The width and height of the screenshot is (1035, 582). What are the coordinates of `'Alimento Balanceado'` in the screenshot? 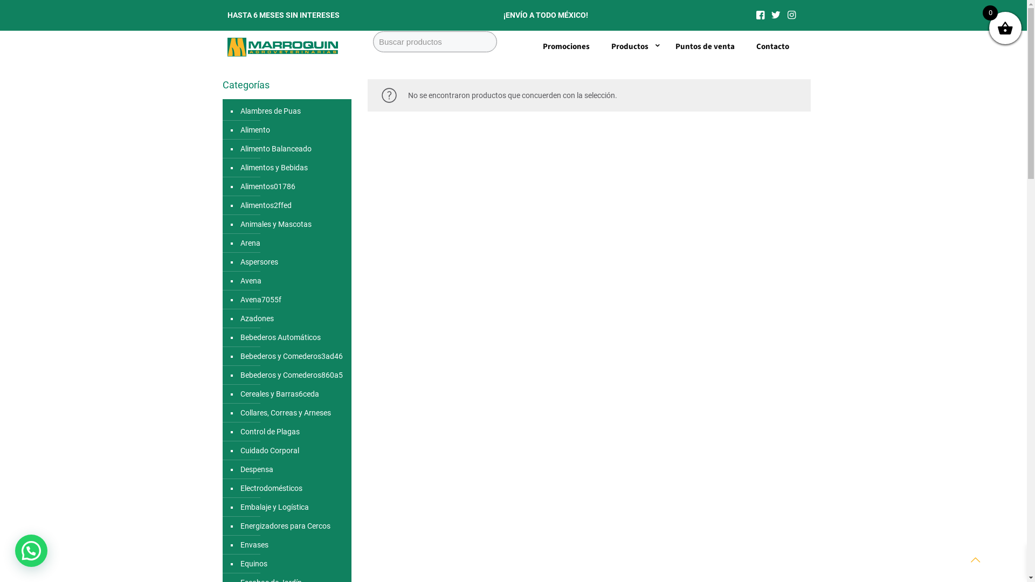 It's located at (237, 149).